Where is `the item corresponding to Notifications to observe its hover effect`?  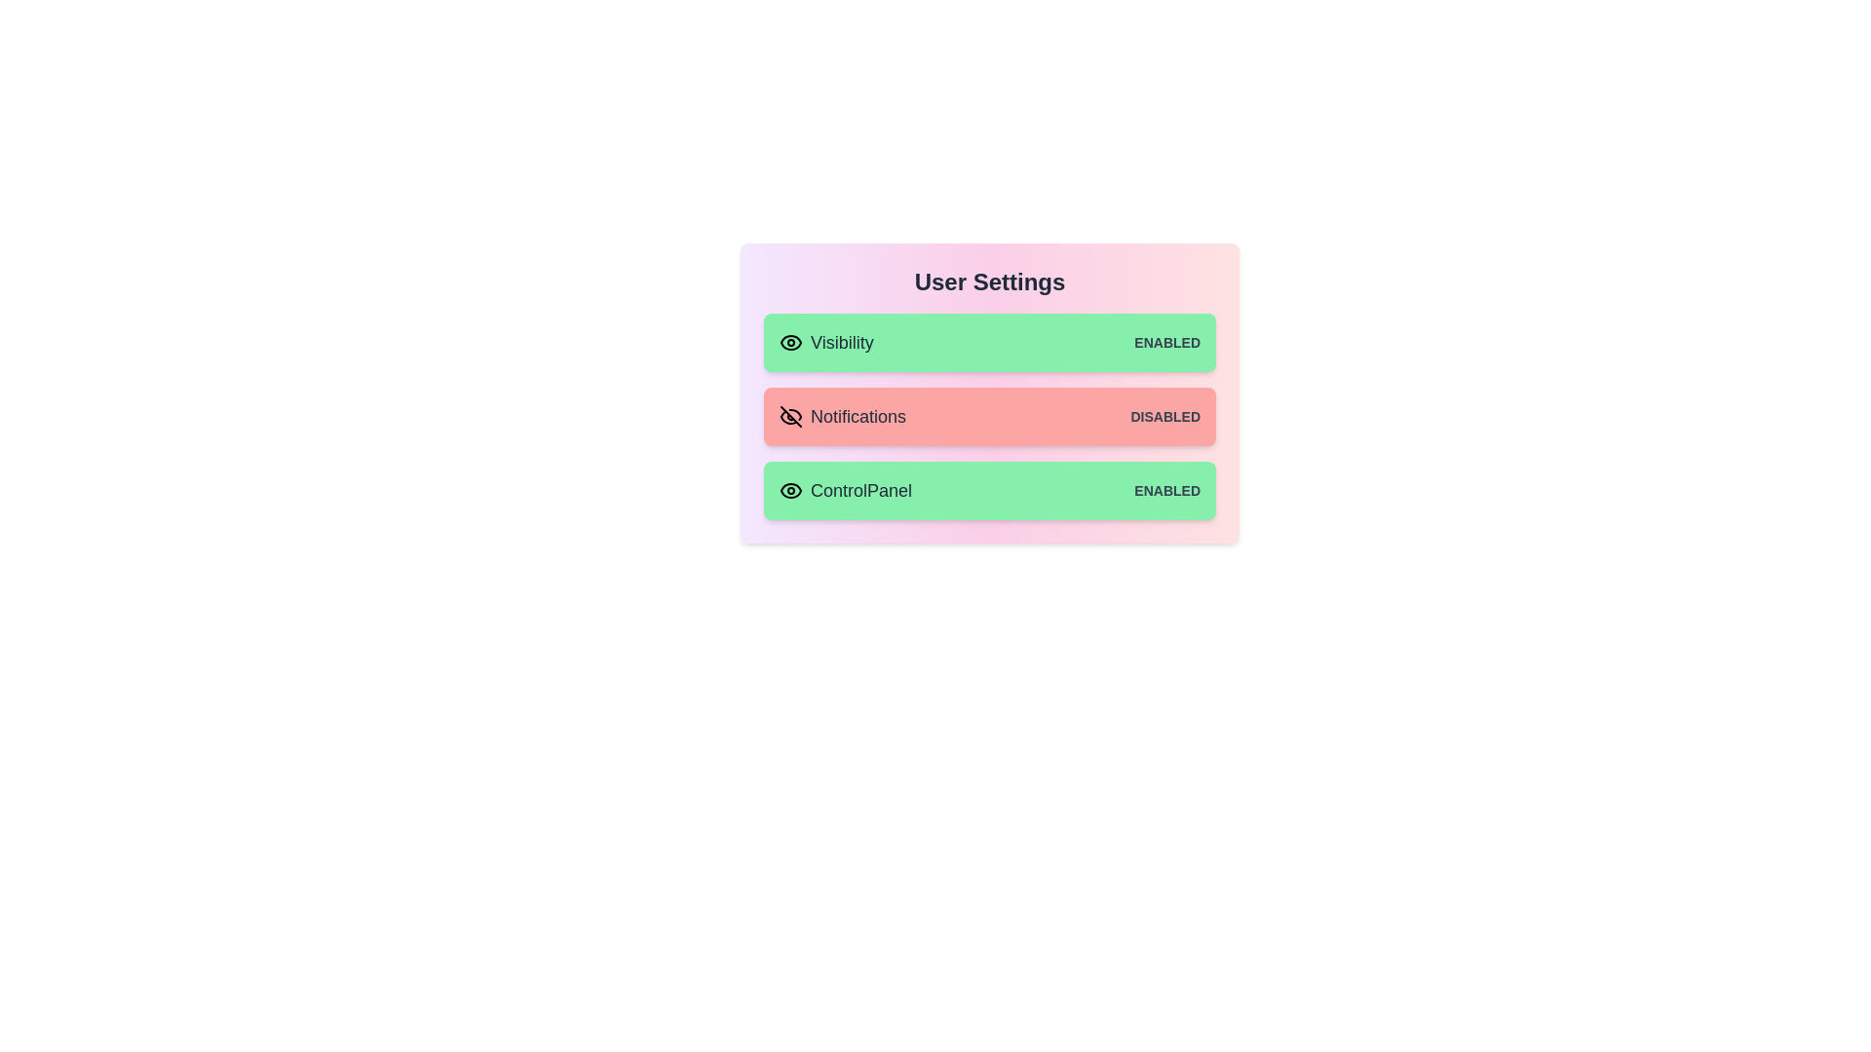
the item corresponding to Notifications to observe its hover effect is located at coordinates (990, 416).